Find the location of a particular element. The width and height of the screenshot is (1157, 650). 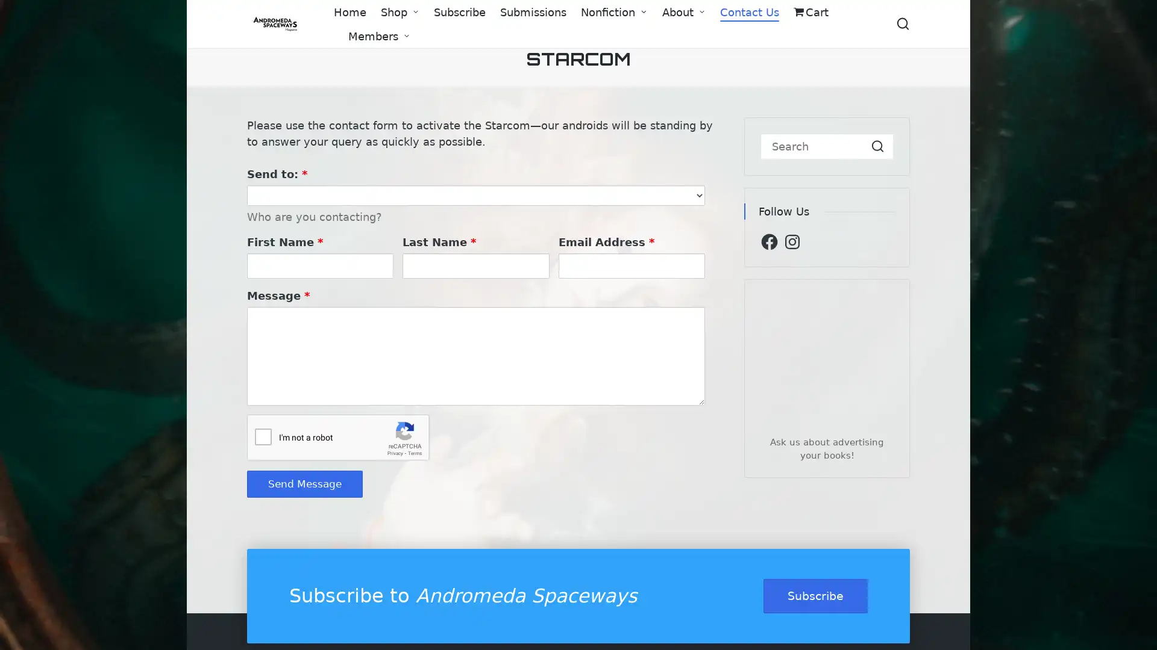

Search is located at coordinates (877, 146).